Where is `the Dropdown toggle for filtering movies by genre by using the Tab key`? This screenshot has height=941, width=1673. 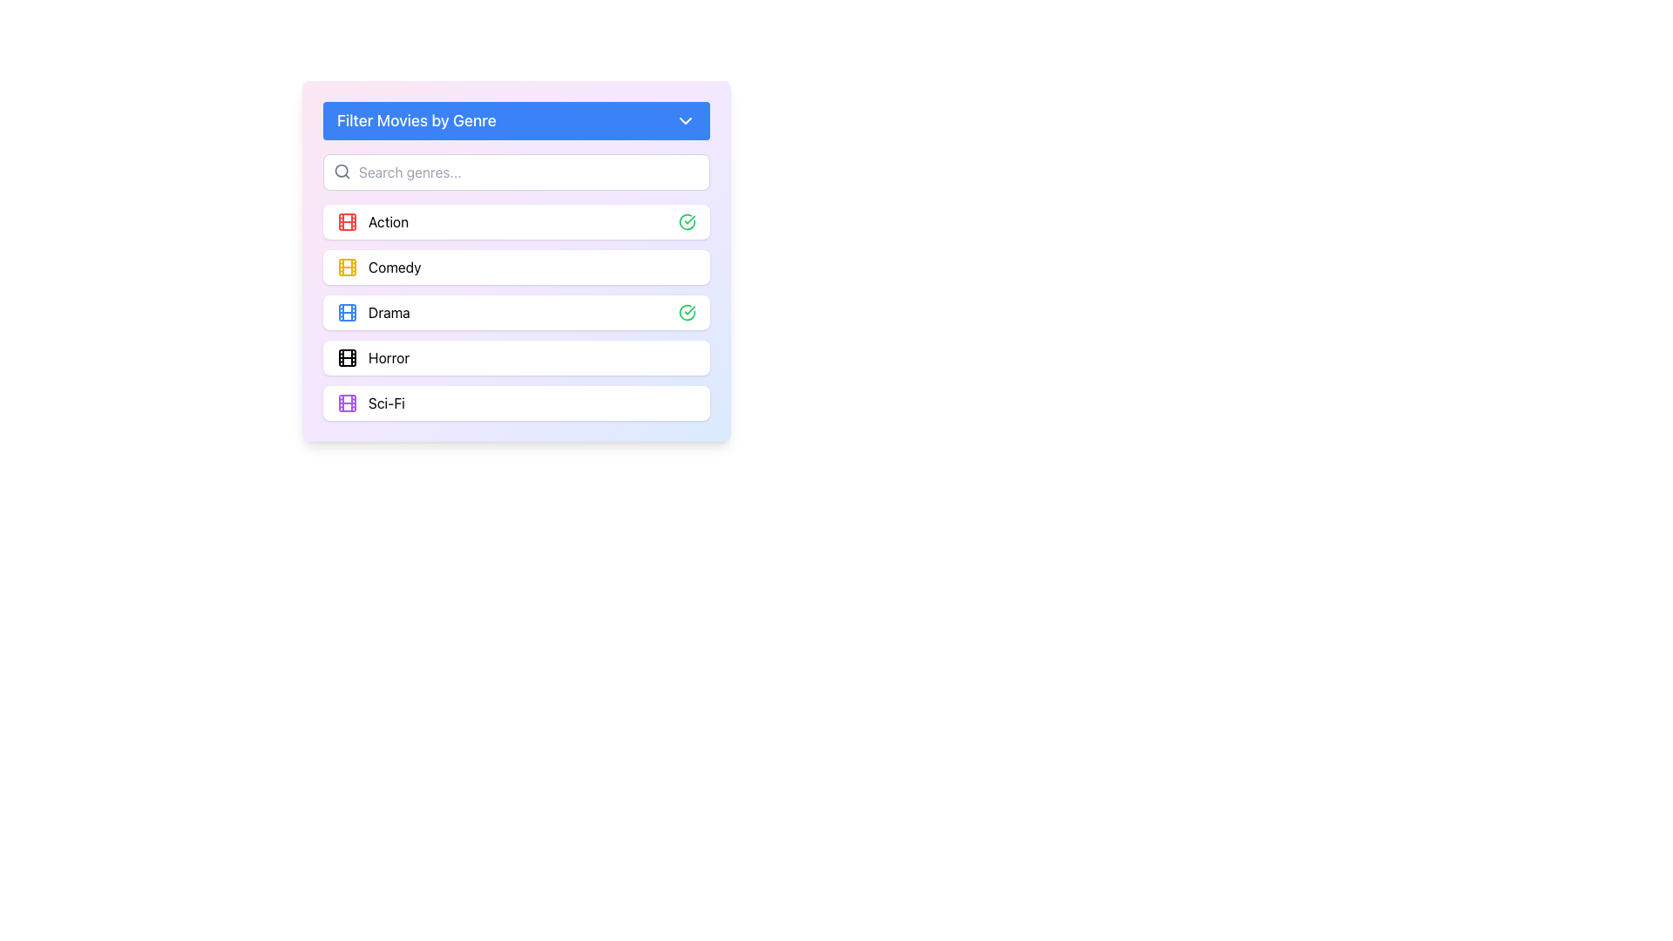 the Dropdown toggle for filtering movies by genre by using the Tab key is located at coordinates (516, 119).